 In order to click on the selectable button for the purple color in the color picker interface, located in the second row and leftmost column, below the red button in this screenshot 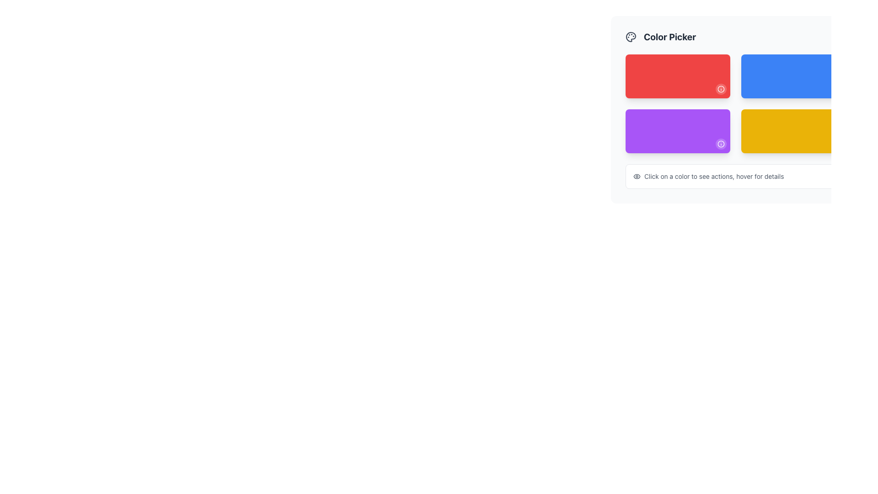, I will do `click(678, 131)`.